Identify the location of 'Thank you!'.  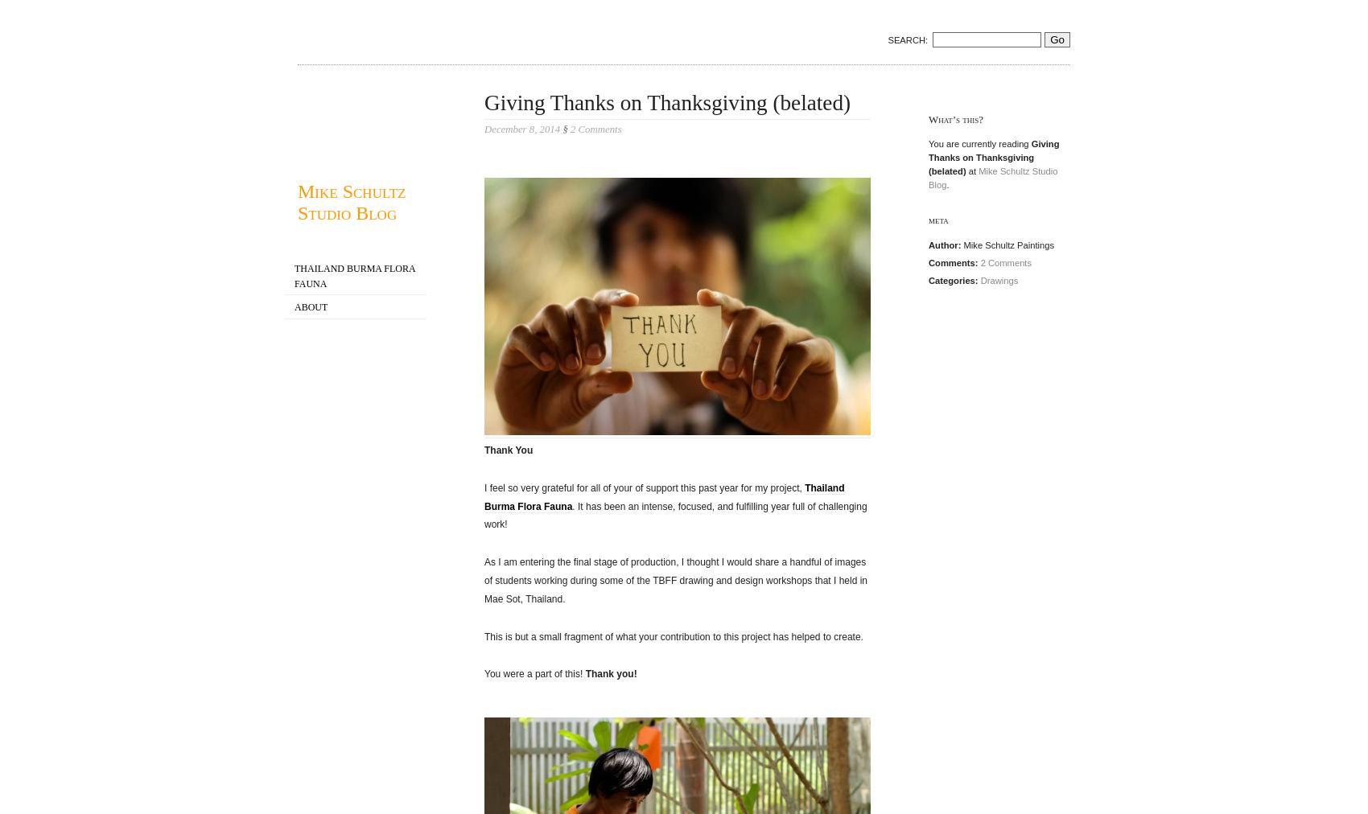
(610, 673).